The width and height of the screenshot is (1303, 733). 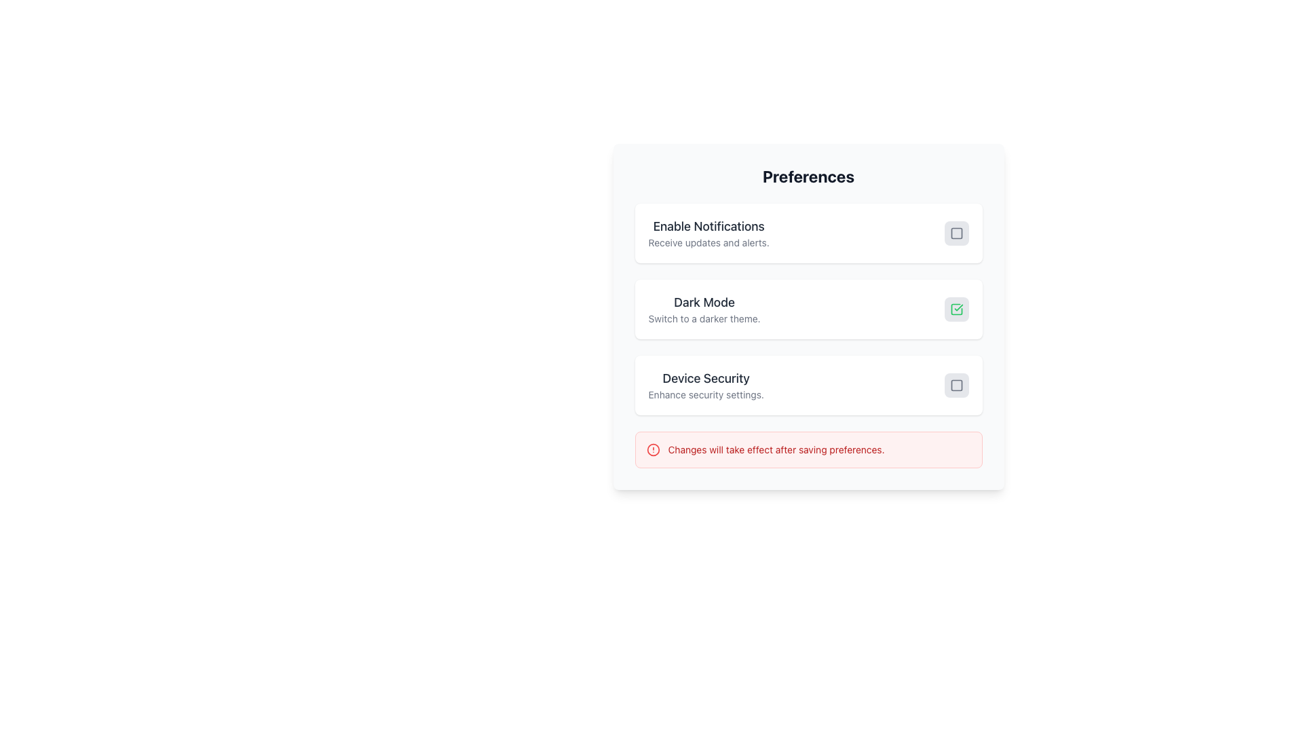 What do you see at coordinates (956, 385) in the screenshot?
I see `the checkbox located in the bottom-right corner of the settings options under 'Device Security'` at bounding box center [956, 385].